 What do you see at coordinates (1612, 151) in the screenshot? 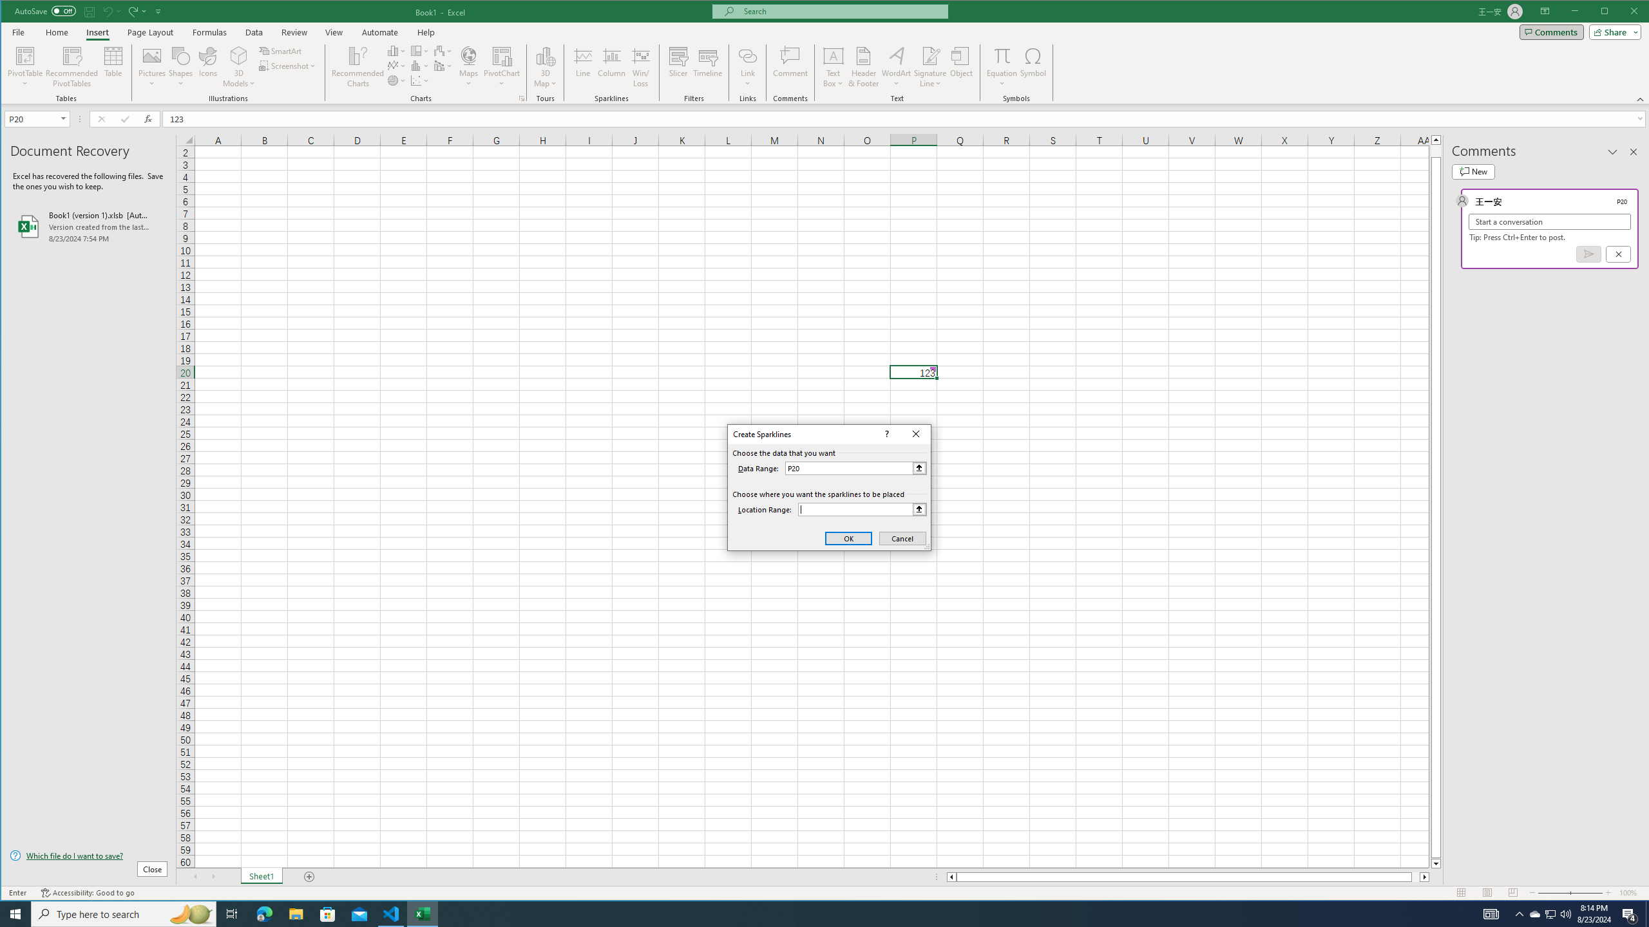
I see `'Task Pane Options'` at bounding box center [1612, 151].